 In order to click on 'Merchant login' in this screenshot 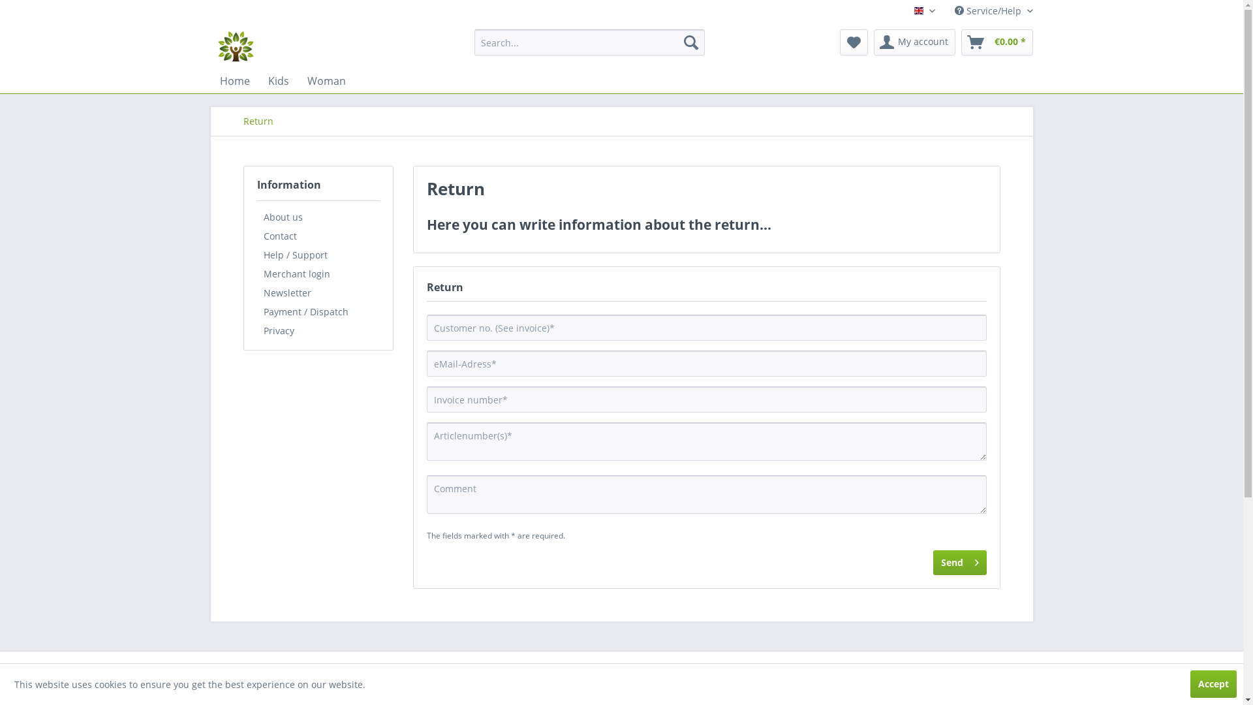, I will do `click(318, 273)`.